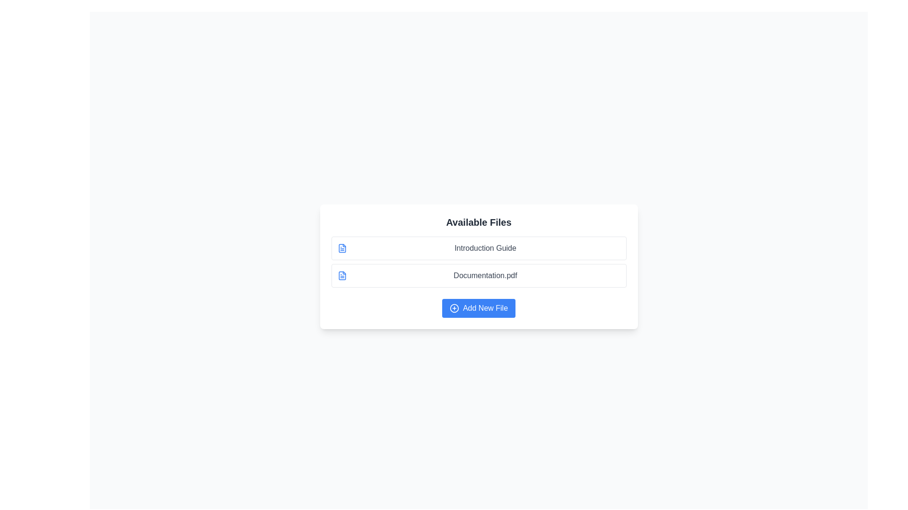  Describe the element at coordinates (479, 247) in the screenshot. I see `the List item with icon and text labeled 'Introduction Guide', which is styled with a light gray border and contains a blue document icon` at that location.